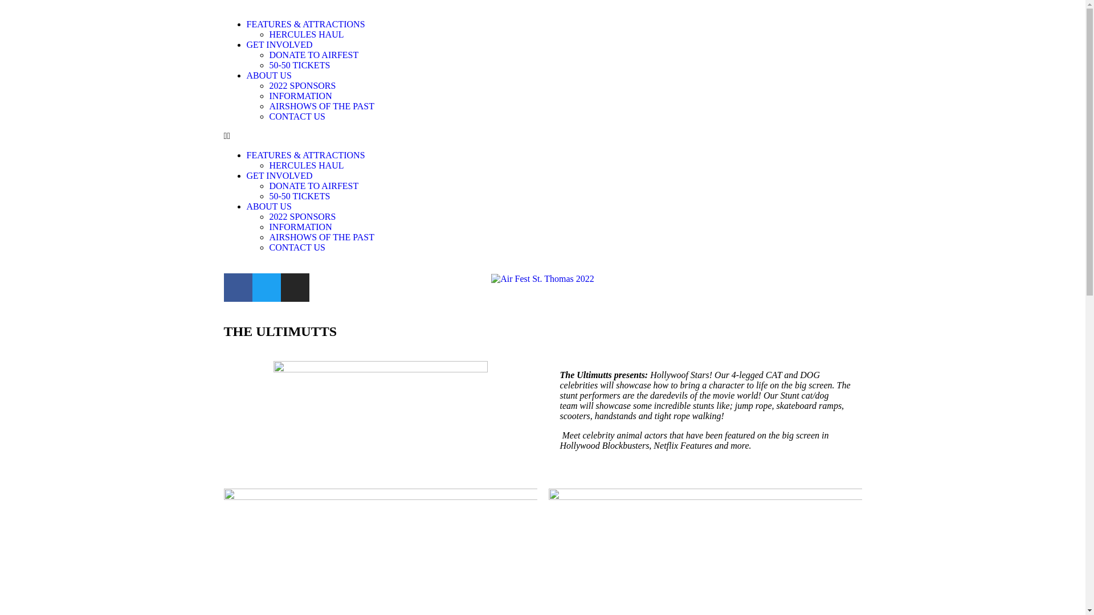 This screenshot has height=615, width=1094. I want to click on 'ABOUT US', so click(268, 75).